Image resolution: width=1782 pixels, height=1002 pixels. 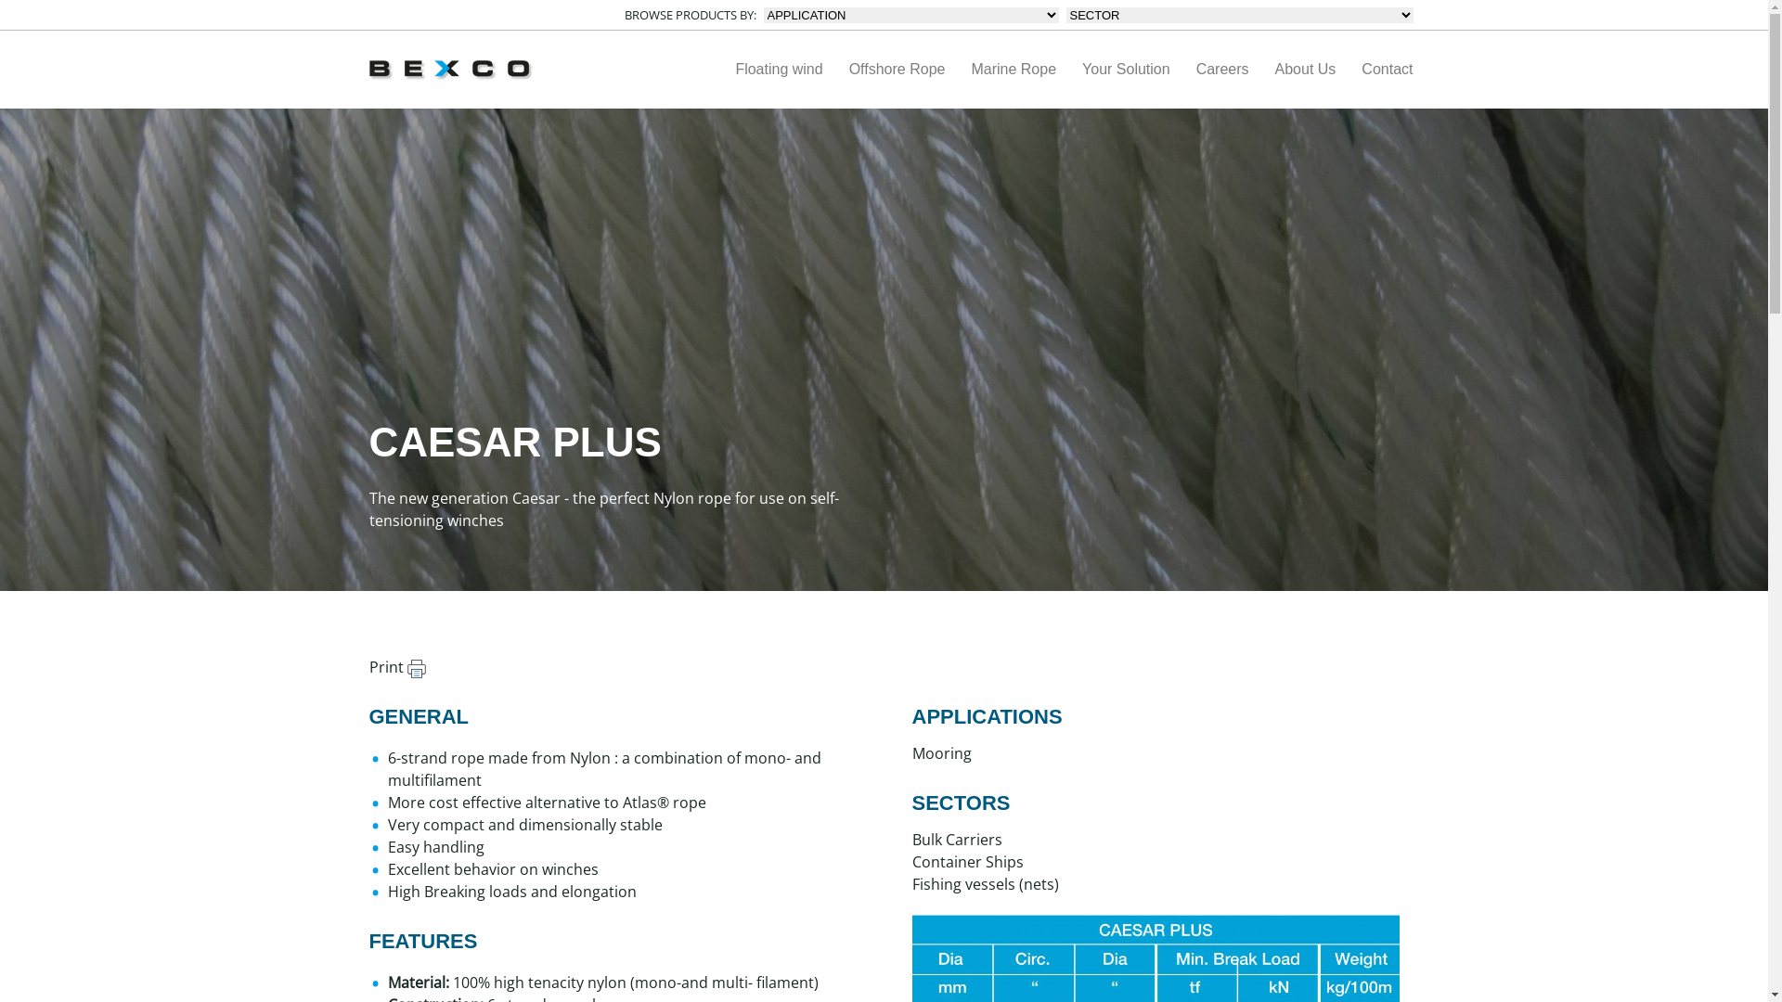 I want to click on 'Your Solution', so click(x=1125, y=68).